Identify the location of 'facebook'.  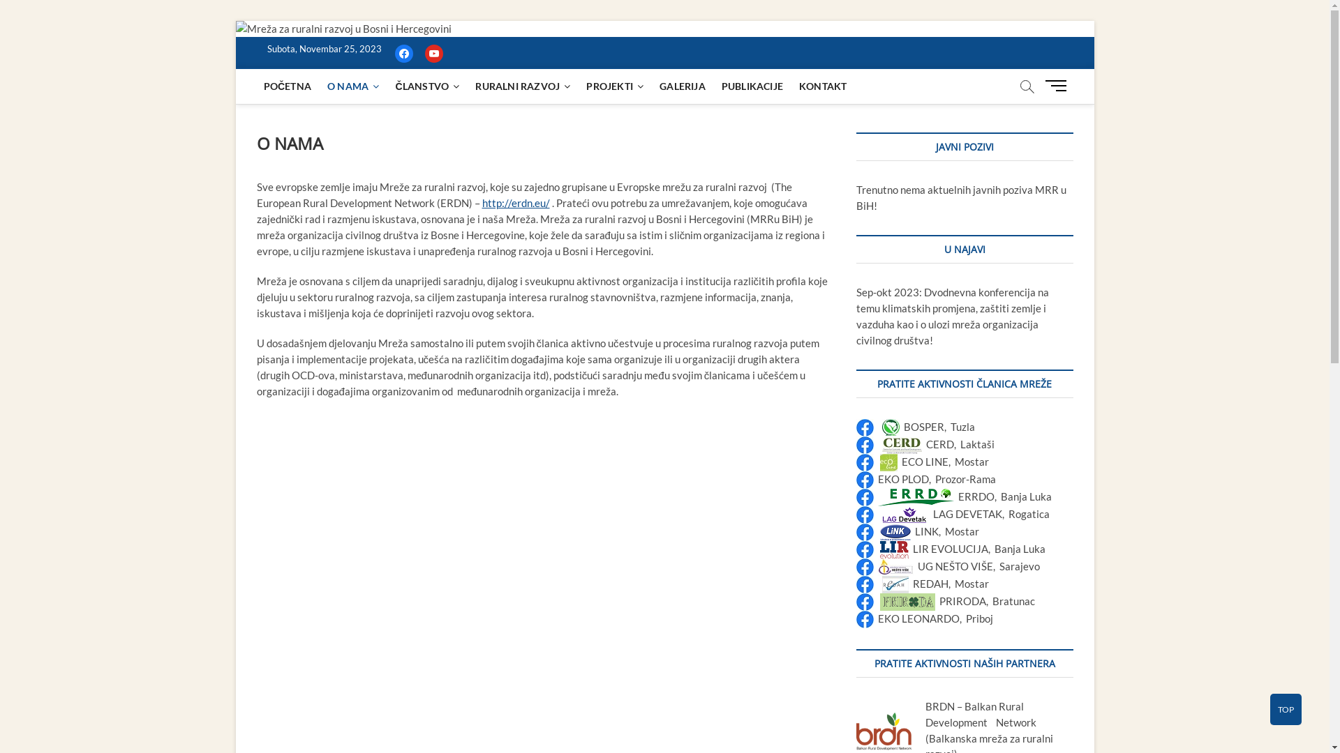
(394, 51).